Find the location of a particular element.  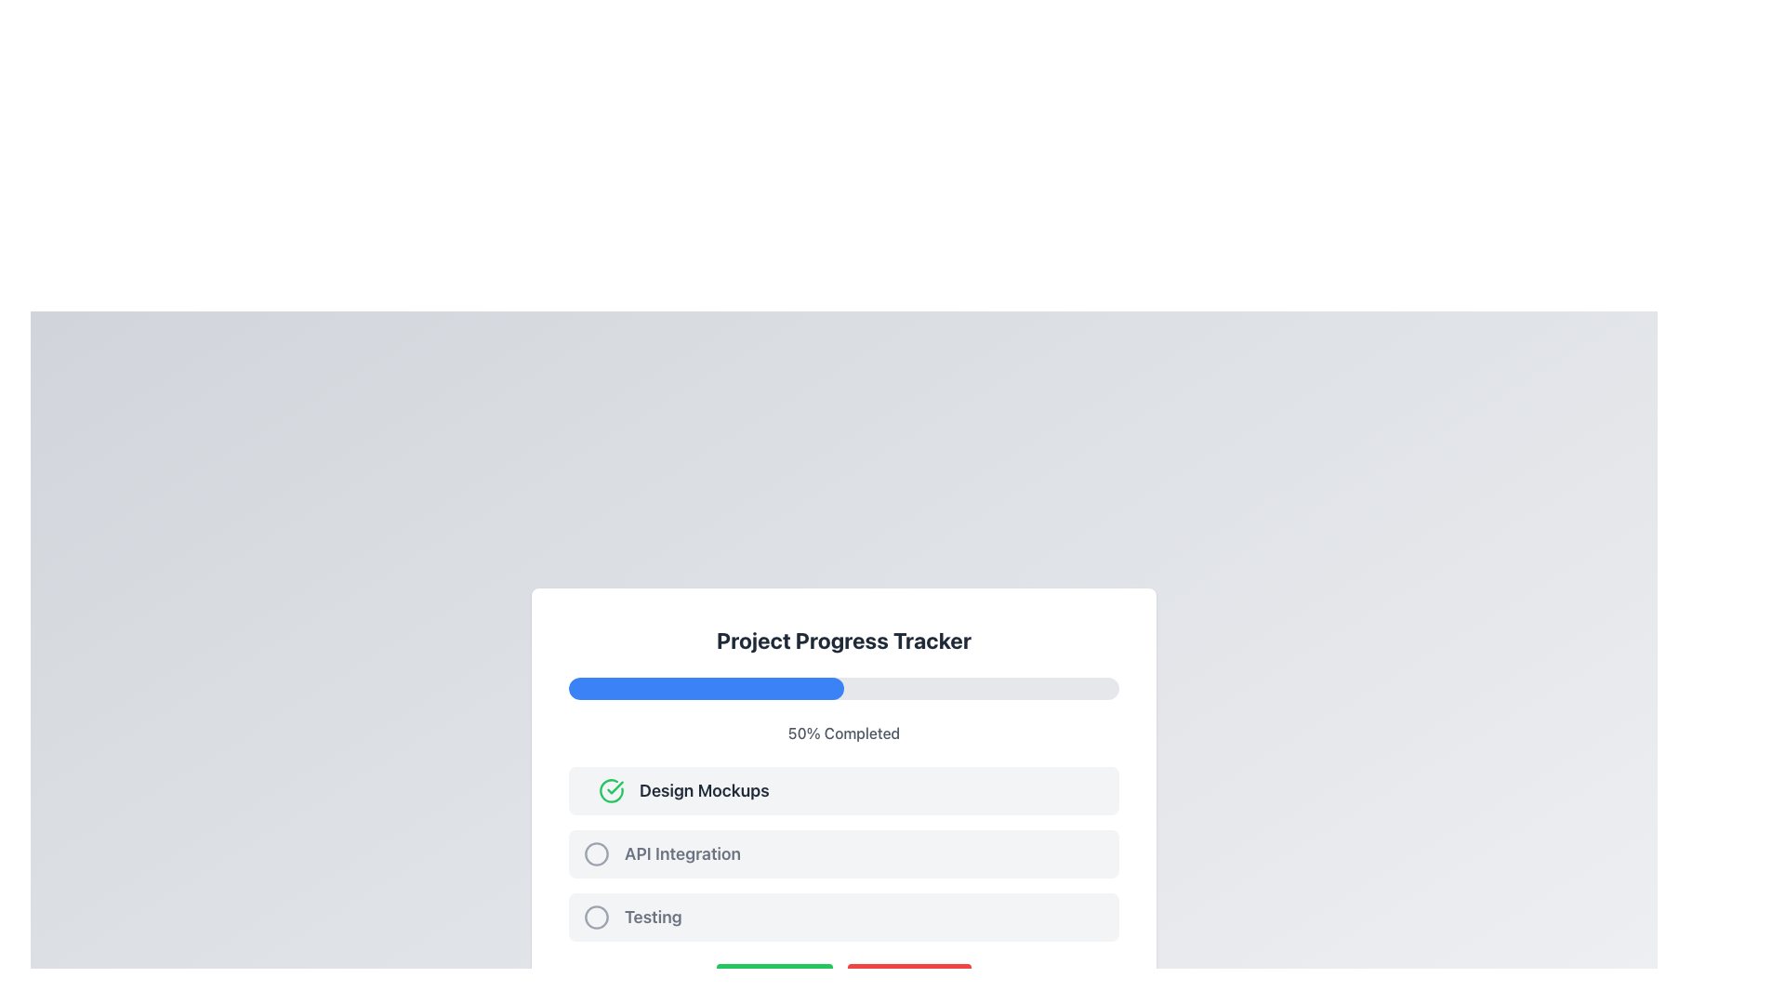

the 'Increase' button which is located on the lower half of the interface, to trigger the visual hover effect is located at coordinates (774, 981).